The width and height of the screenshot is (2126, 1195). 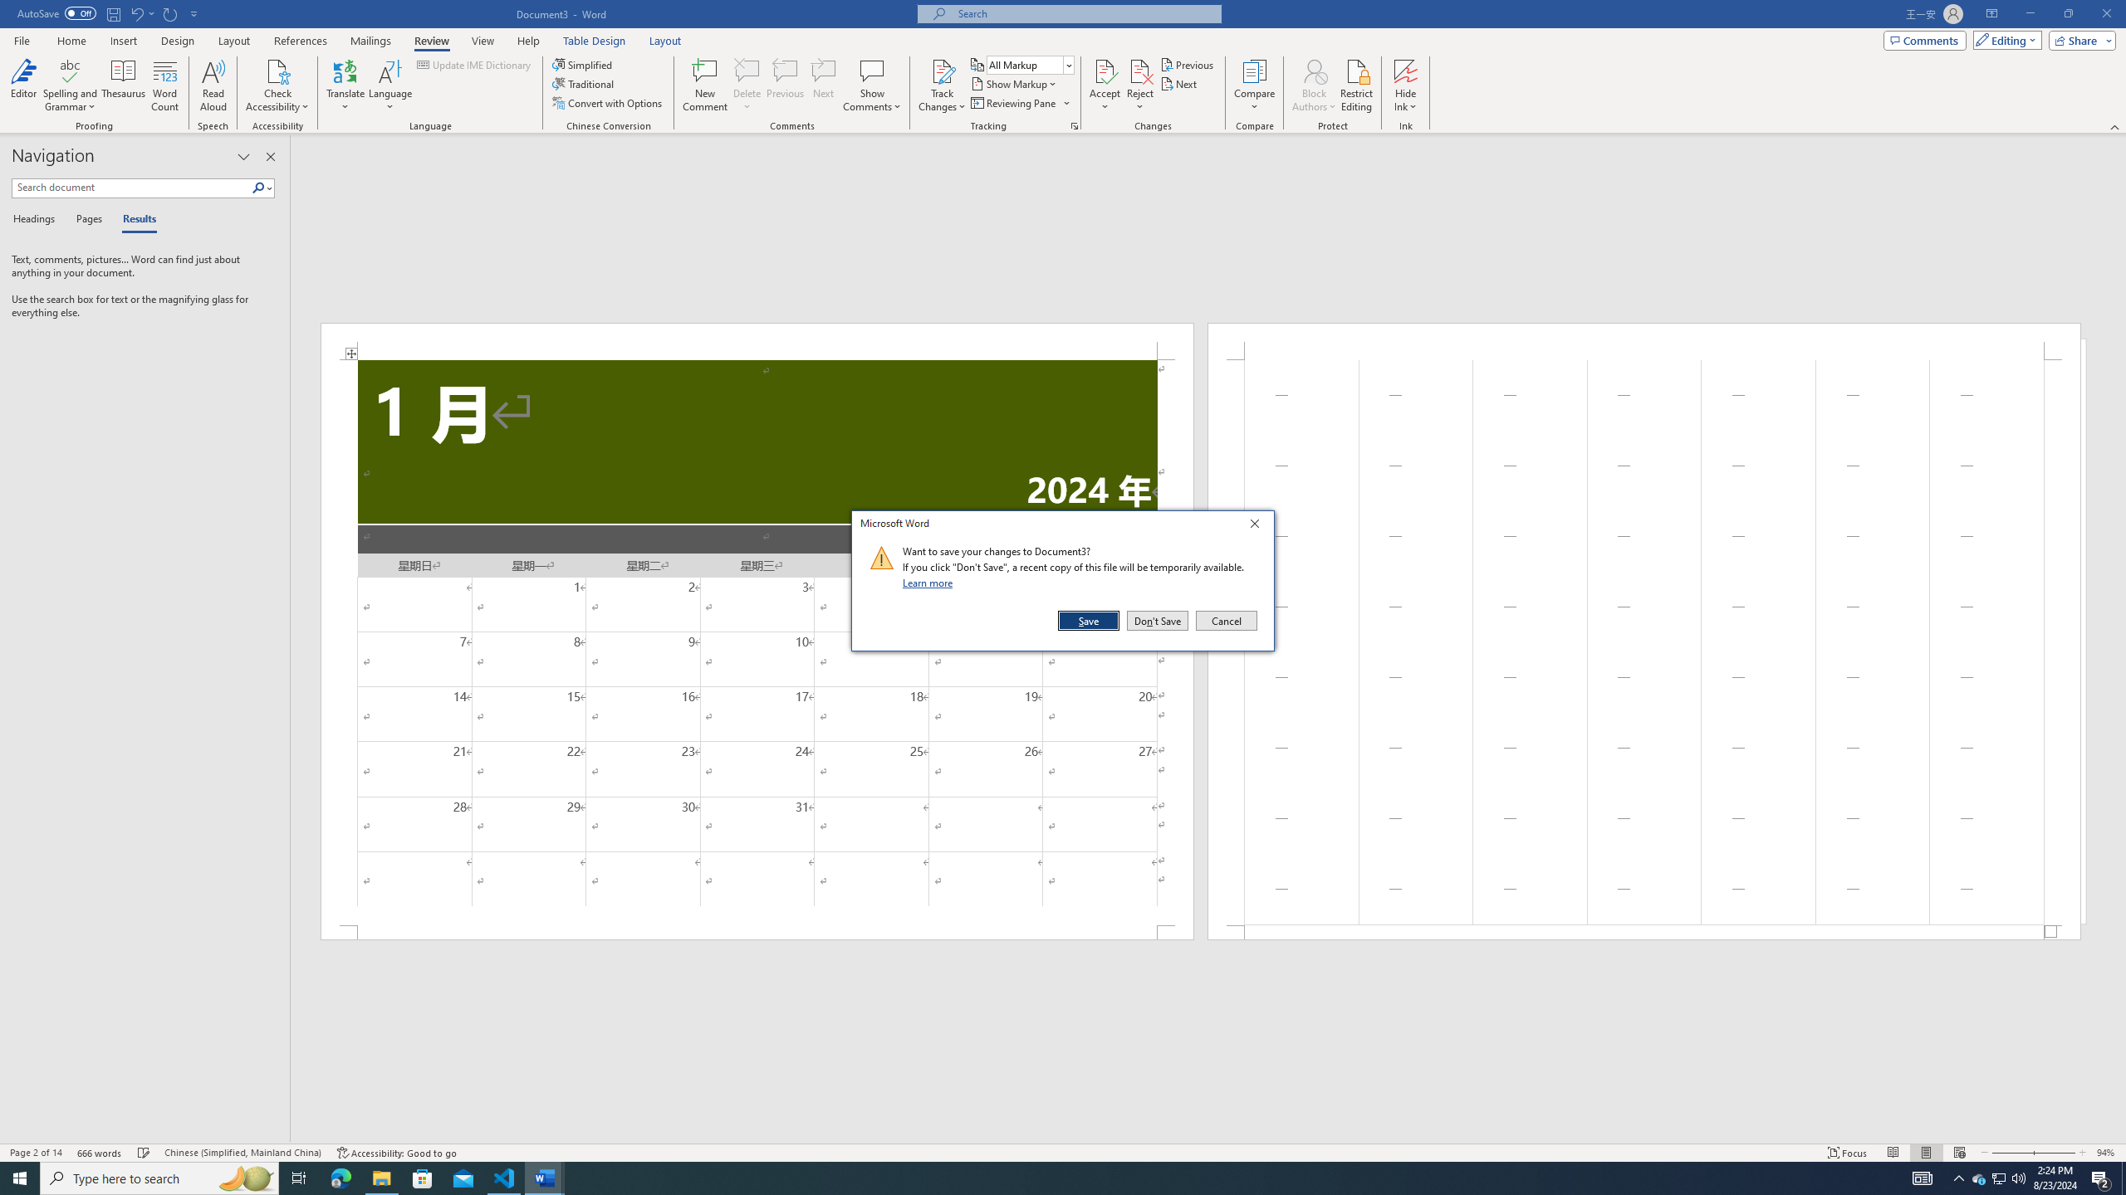 What do you see at coordinates (100, 1153) in the screenshot?
I see `'Word Count 666 words'` at bounding box center [100, 1153].